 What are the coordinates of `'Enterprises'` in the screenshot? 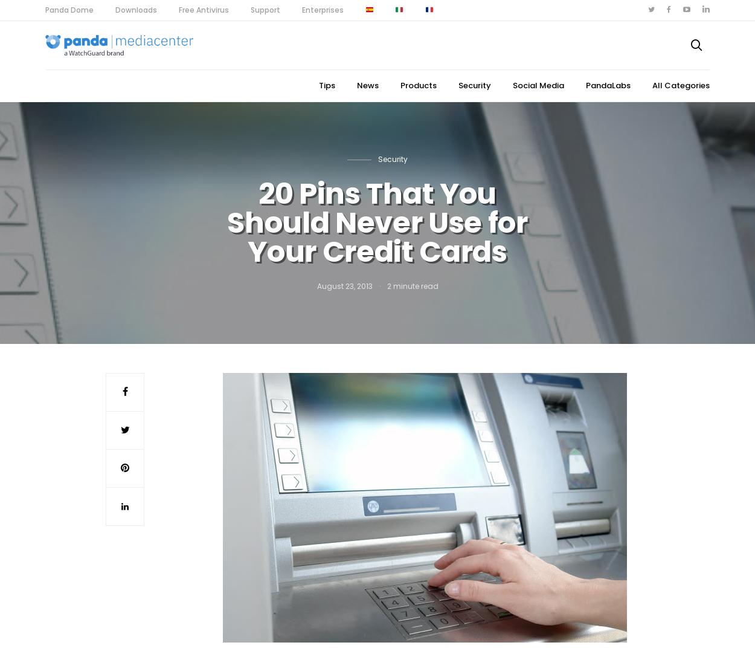 It's located at (323, 9).